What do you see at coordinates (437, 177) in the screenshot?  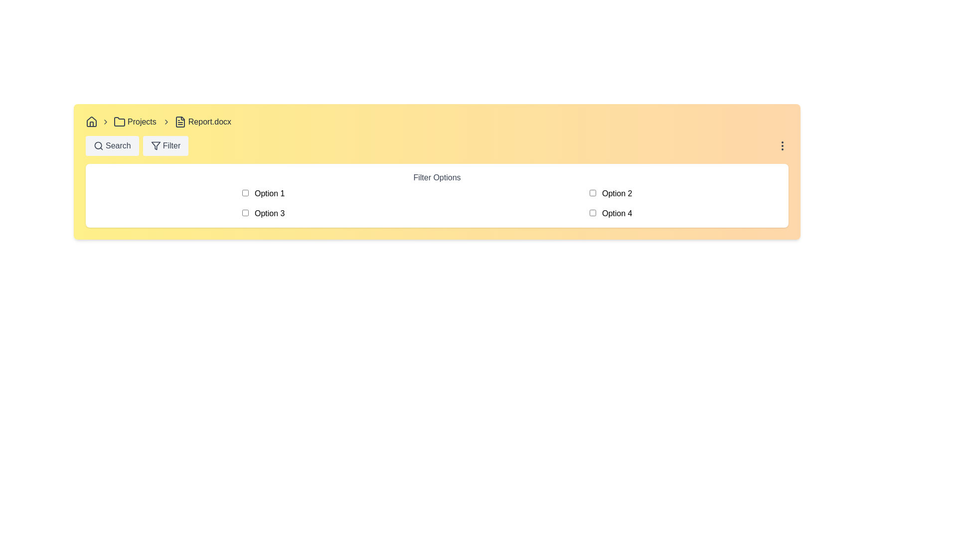 I see `the 'Filter Options' header text, which is styled in gray color and bold, positioned at the top of a section with selectable options` at bounding box center [437, 177].